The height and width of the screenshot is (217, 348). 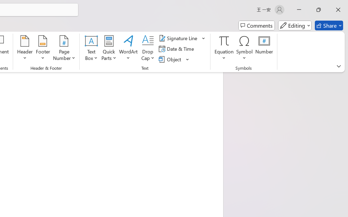 What do you see at coordinates (294, 25) in the screenshot?
I see `'Mode'` at bounding box center [294, 25].